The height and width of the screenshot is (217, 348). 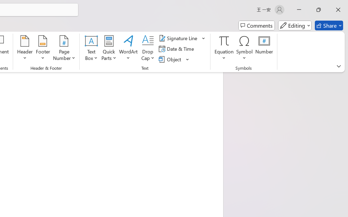 What do you see at coordinates (294, 25) in the screenshot?
I see `'Mode'` at bounding box center [294, 25].